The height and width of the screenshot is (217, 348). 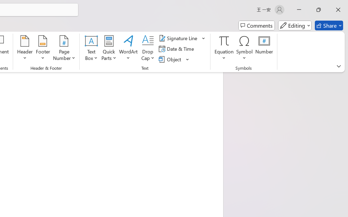 What do you see at coordinates (294, 25) in the screenshot?
I see `'Mode'` at bounding box center [294, 25].